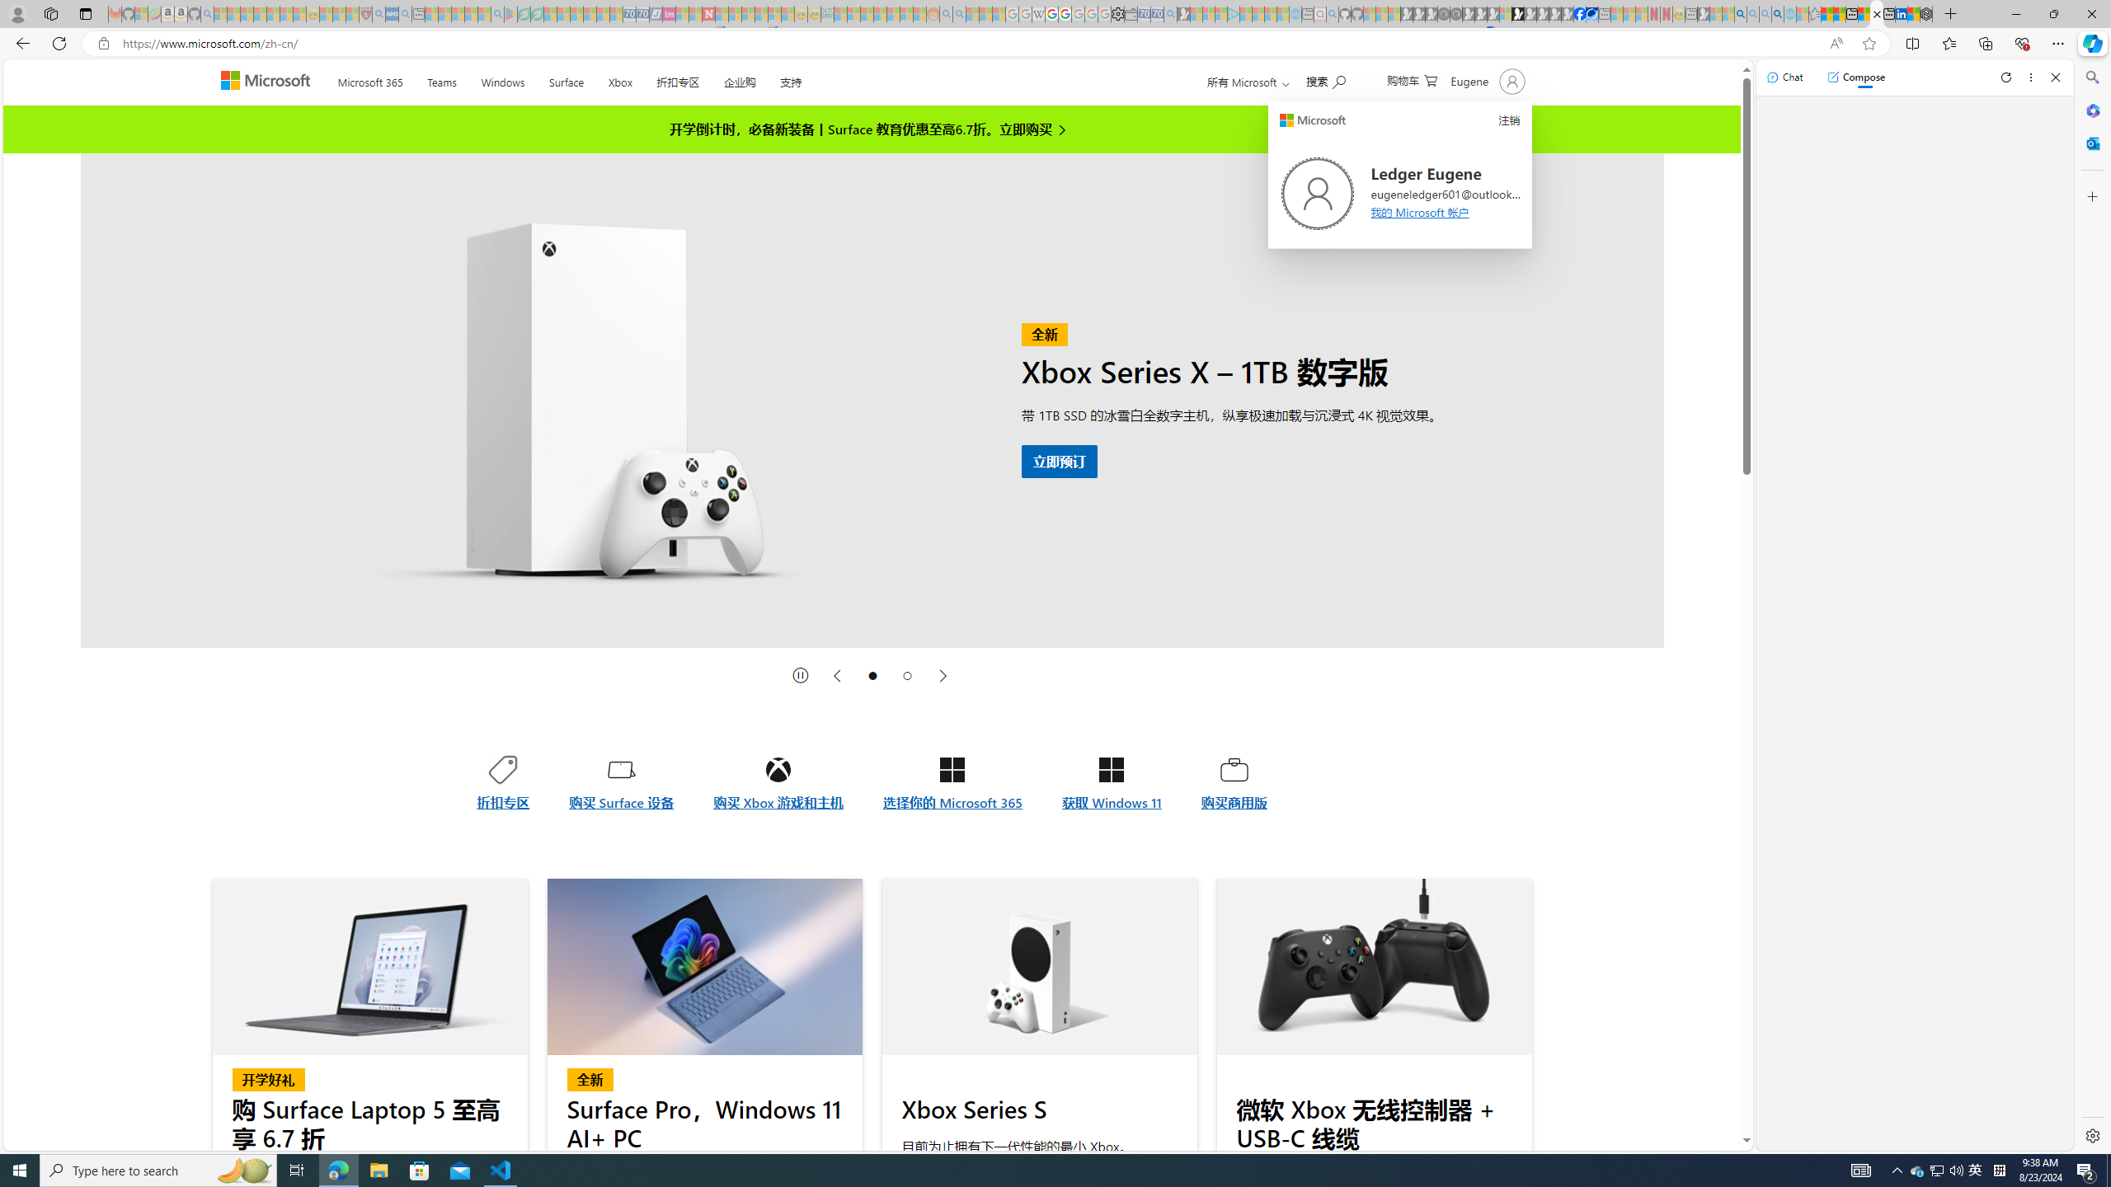  Describe the element at coordinates (440, 78) in the screenshot. I see `'Teams'` at that location.